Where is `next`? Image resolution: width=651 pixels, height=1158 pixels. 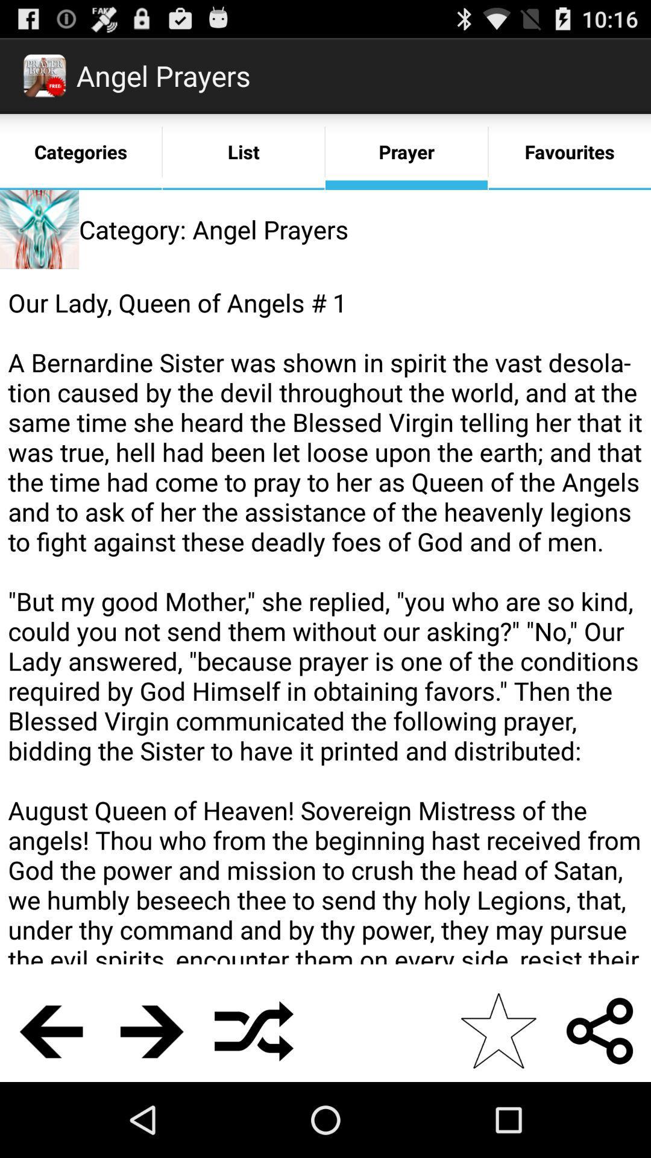
next is located at coordinates (152, 1030).